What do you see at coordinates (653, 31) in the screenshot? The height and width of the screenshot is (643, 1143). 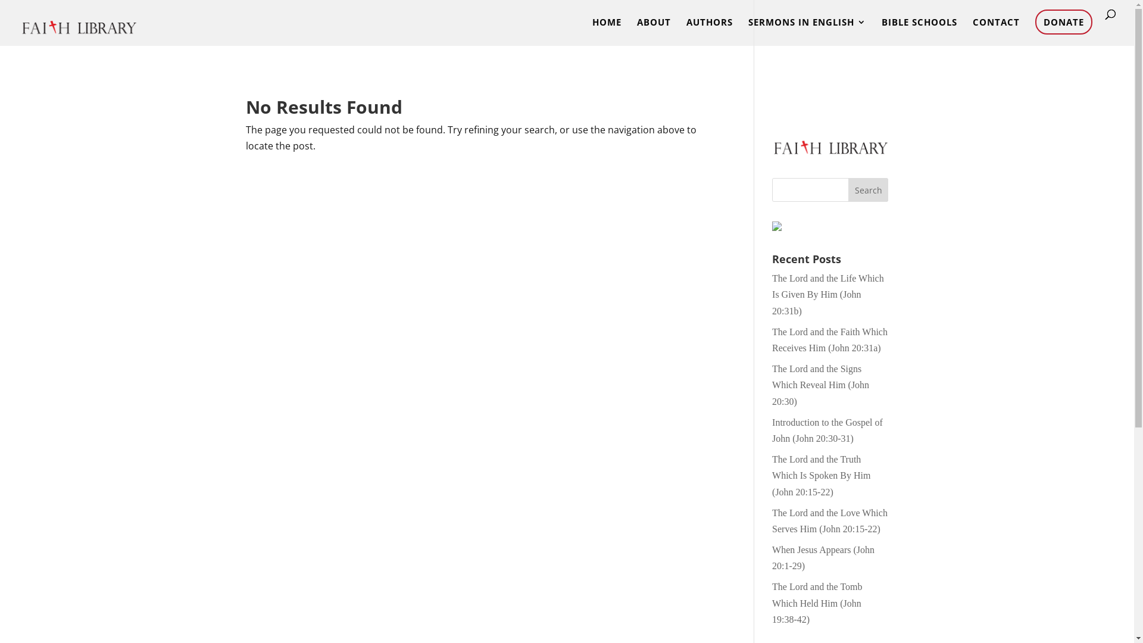 I see `'ABOUT'` at bounding box center [653, 31].